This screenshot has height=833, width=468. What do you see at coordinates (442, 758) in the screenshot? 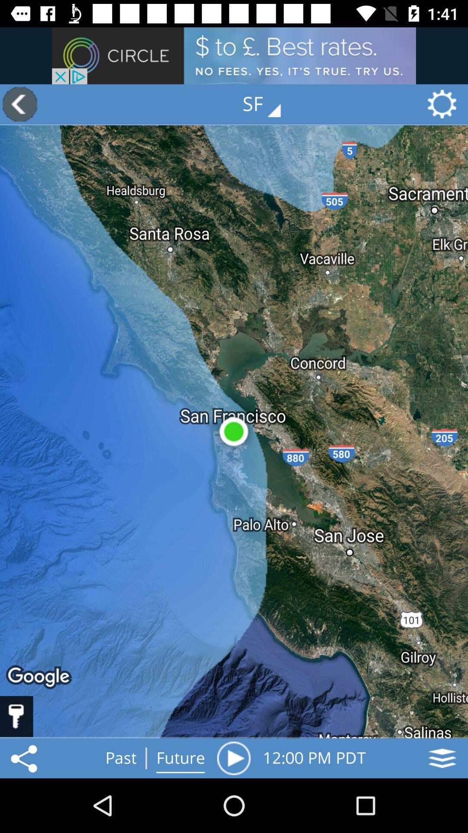
I see `the layers icon` at bounding box center [442, 758].